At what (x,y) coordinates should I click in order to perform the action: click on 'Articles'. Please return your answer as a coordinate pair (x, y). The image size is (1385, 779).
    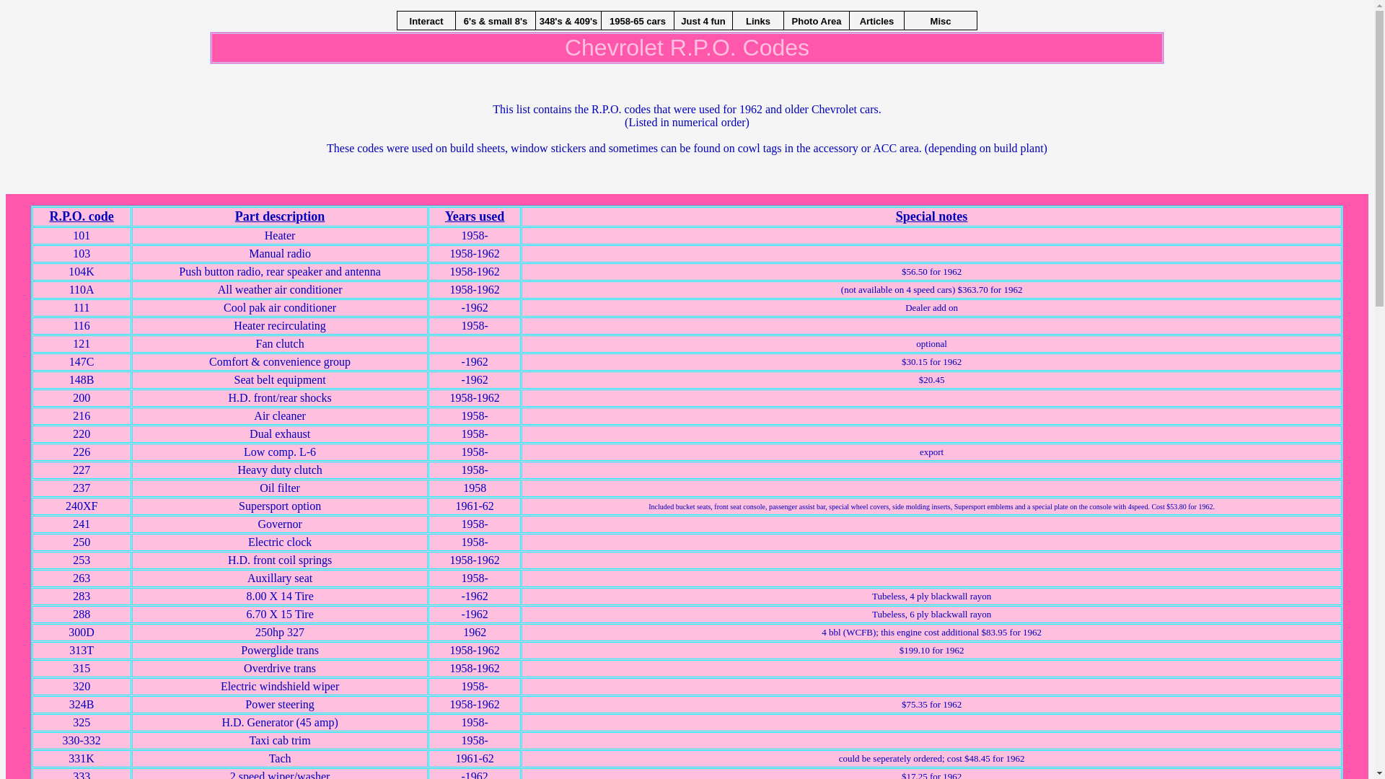
    Looking at the image, I should click on (876, 20).